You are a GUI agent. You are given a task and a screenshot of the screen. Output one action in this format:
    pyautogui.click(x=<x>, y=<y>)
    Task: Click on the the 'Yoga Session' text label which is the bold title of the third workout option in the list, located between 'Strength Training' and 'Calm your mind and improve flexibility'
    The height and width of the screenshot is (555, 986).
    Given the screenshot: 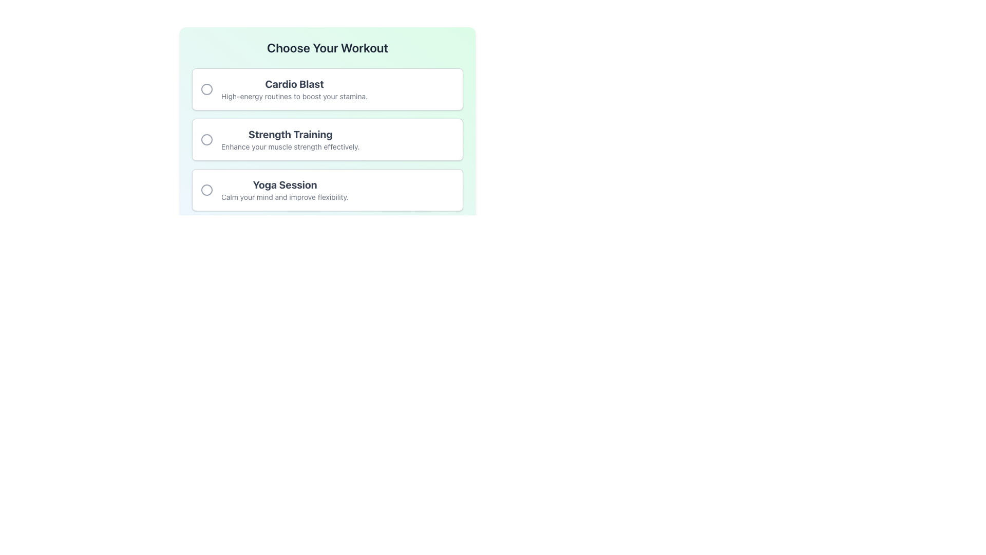 What is the action you would take?
    pyautogui.click(x=285, y=184)
    